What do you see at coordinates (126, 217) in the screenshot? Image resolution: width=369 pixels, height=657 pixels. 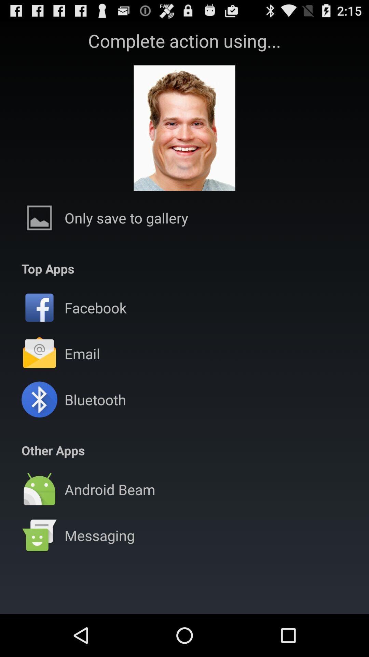 I see `only save to app` at bounding box center [126, 217].